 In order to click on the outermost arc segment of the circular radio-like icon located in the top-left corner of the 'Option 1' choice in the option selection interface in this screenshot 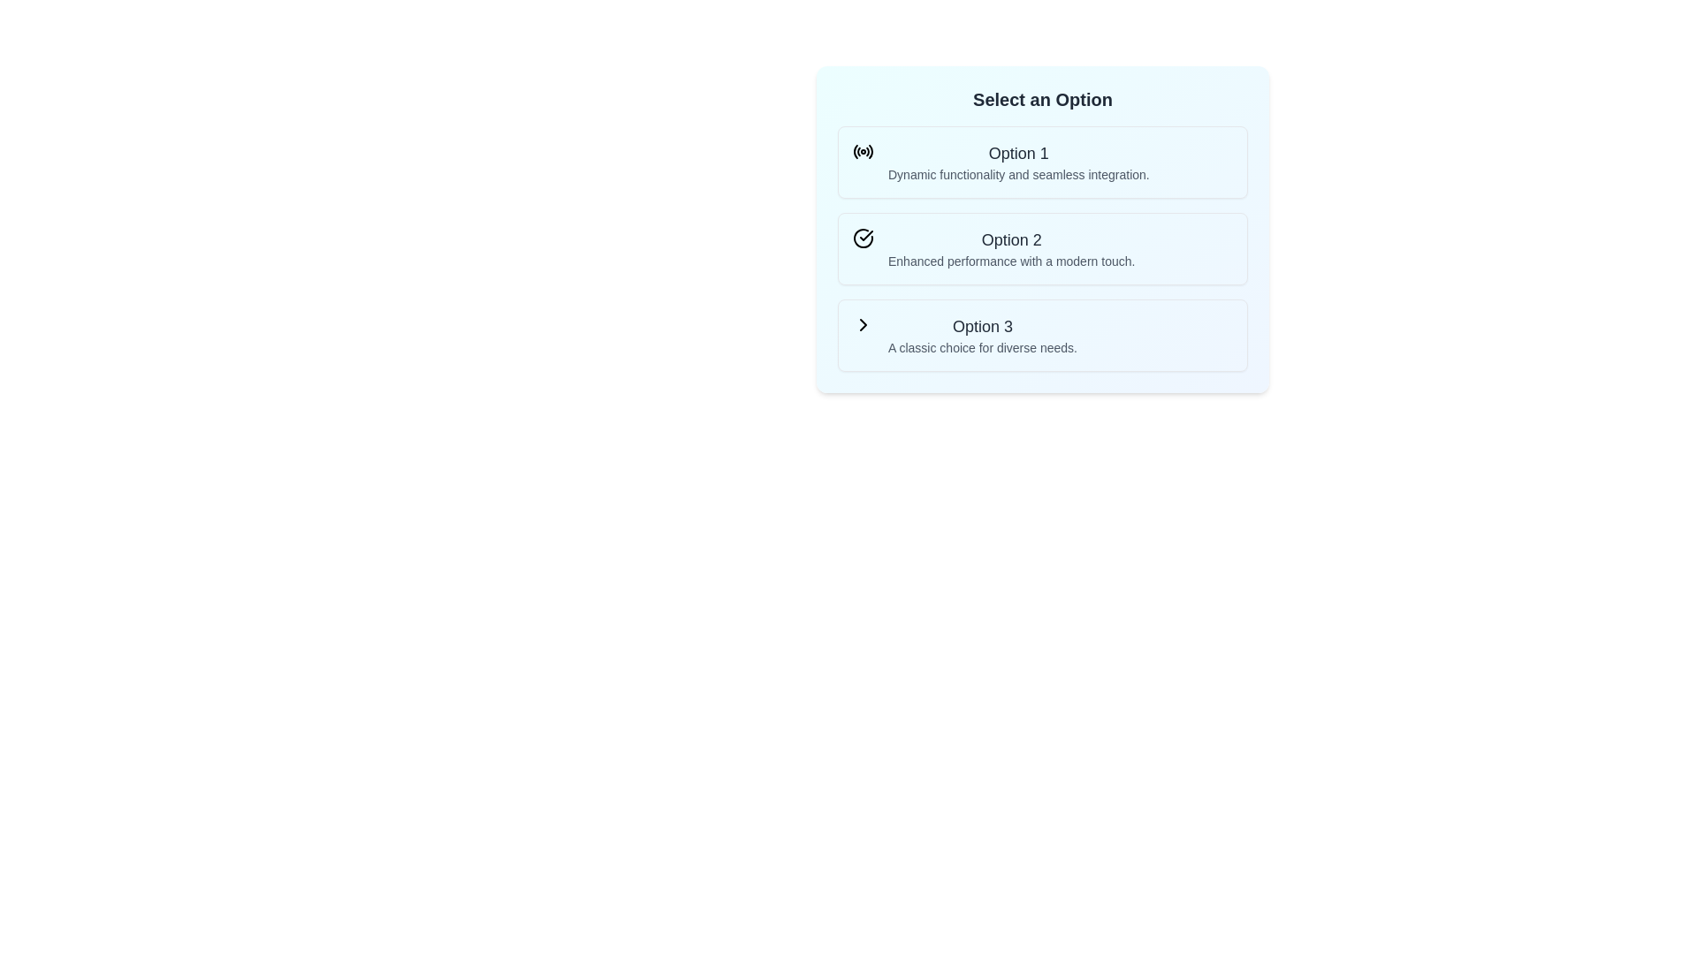, I will do `click(871, 150)`.